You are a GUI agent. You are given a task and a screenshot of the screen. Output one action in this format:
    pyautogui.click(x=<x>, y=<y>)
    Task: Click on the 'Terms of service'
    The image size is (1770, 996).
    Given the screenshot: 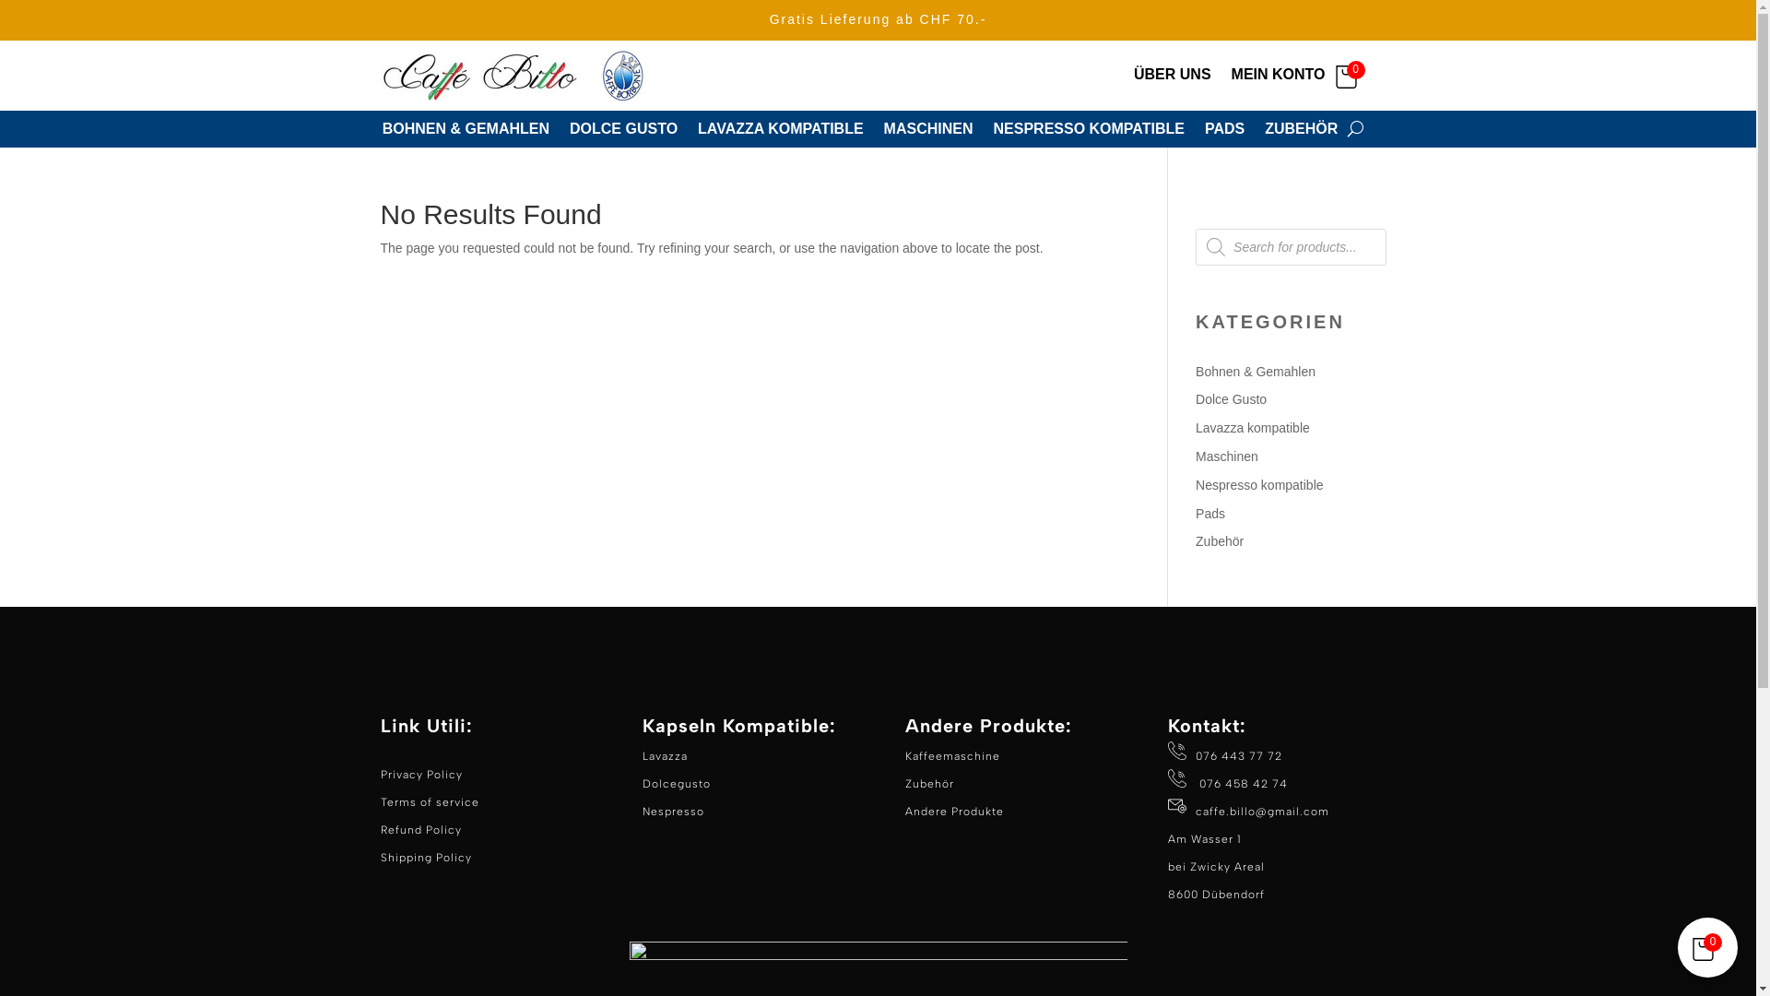 What is the action you would take?
    pyautogui.click(x=428, y=801)
    